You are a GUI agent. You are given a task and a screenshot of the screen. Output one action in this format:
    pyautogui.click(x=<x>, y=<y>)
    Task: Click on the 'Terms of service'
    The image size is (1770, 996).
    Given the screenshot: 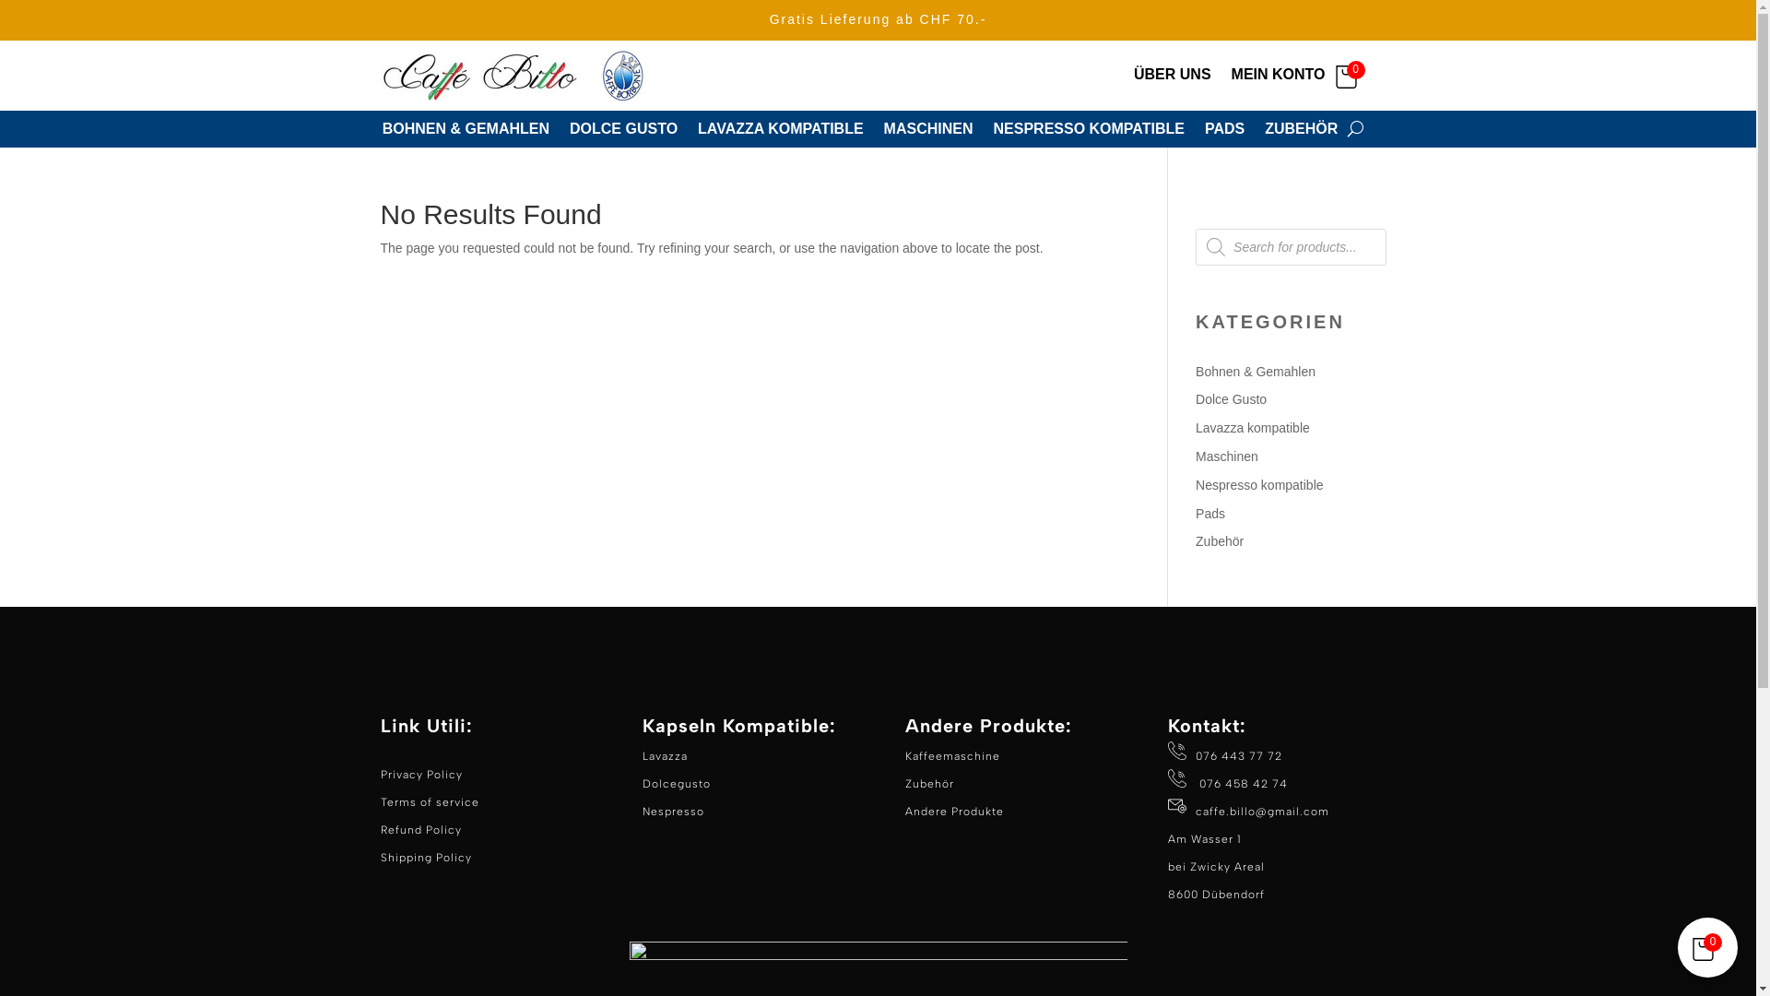 What is the action you would take?
    pyautogui.click(x=428, y=801)
    